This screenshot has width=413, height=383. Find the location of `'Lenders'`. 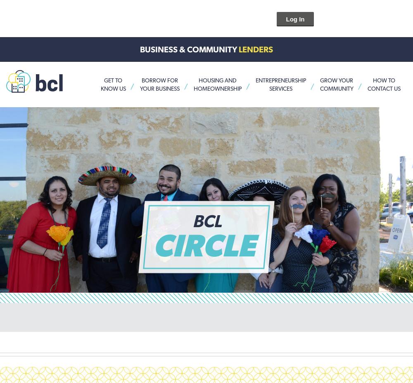

'Lenders' is located at coordinates (255, 49).